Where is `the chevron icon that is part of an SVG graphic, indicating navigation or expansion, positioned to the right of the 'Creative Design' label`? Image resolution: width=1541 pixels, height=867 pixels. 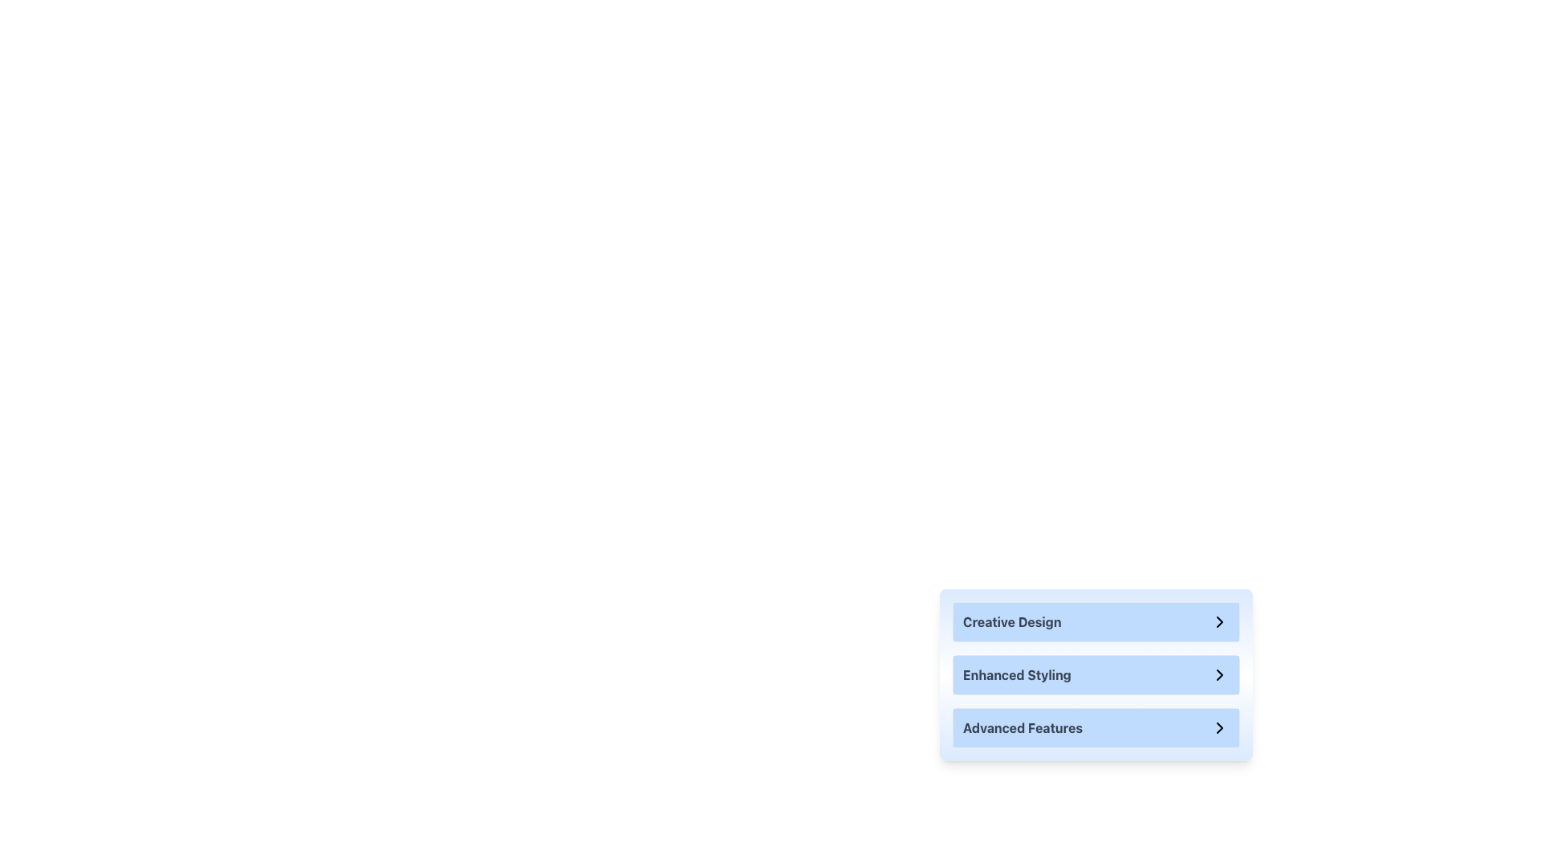
the chevron icon that is part of an SVG graphic, indicating navigation or expansion, positioned to the right of the 'Creative Design' label is located at coordinates (1220, 621).